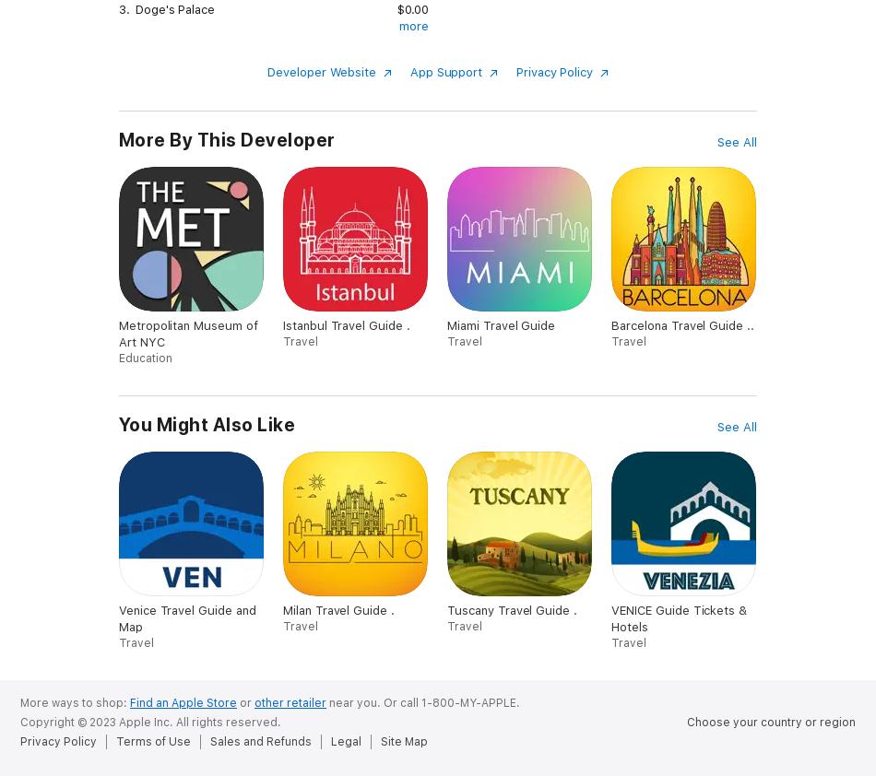  What do you see at coordinates (345, 324) in the screenshot?
I see `'Istanbul Travel Guide .'` at bounding box center [345, 324].